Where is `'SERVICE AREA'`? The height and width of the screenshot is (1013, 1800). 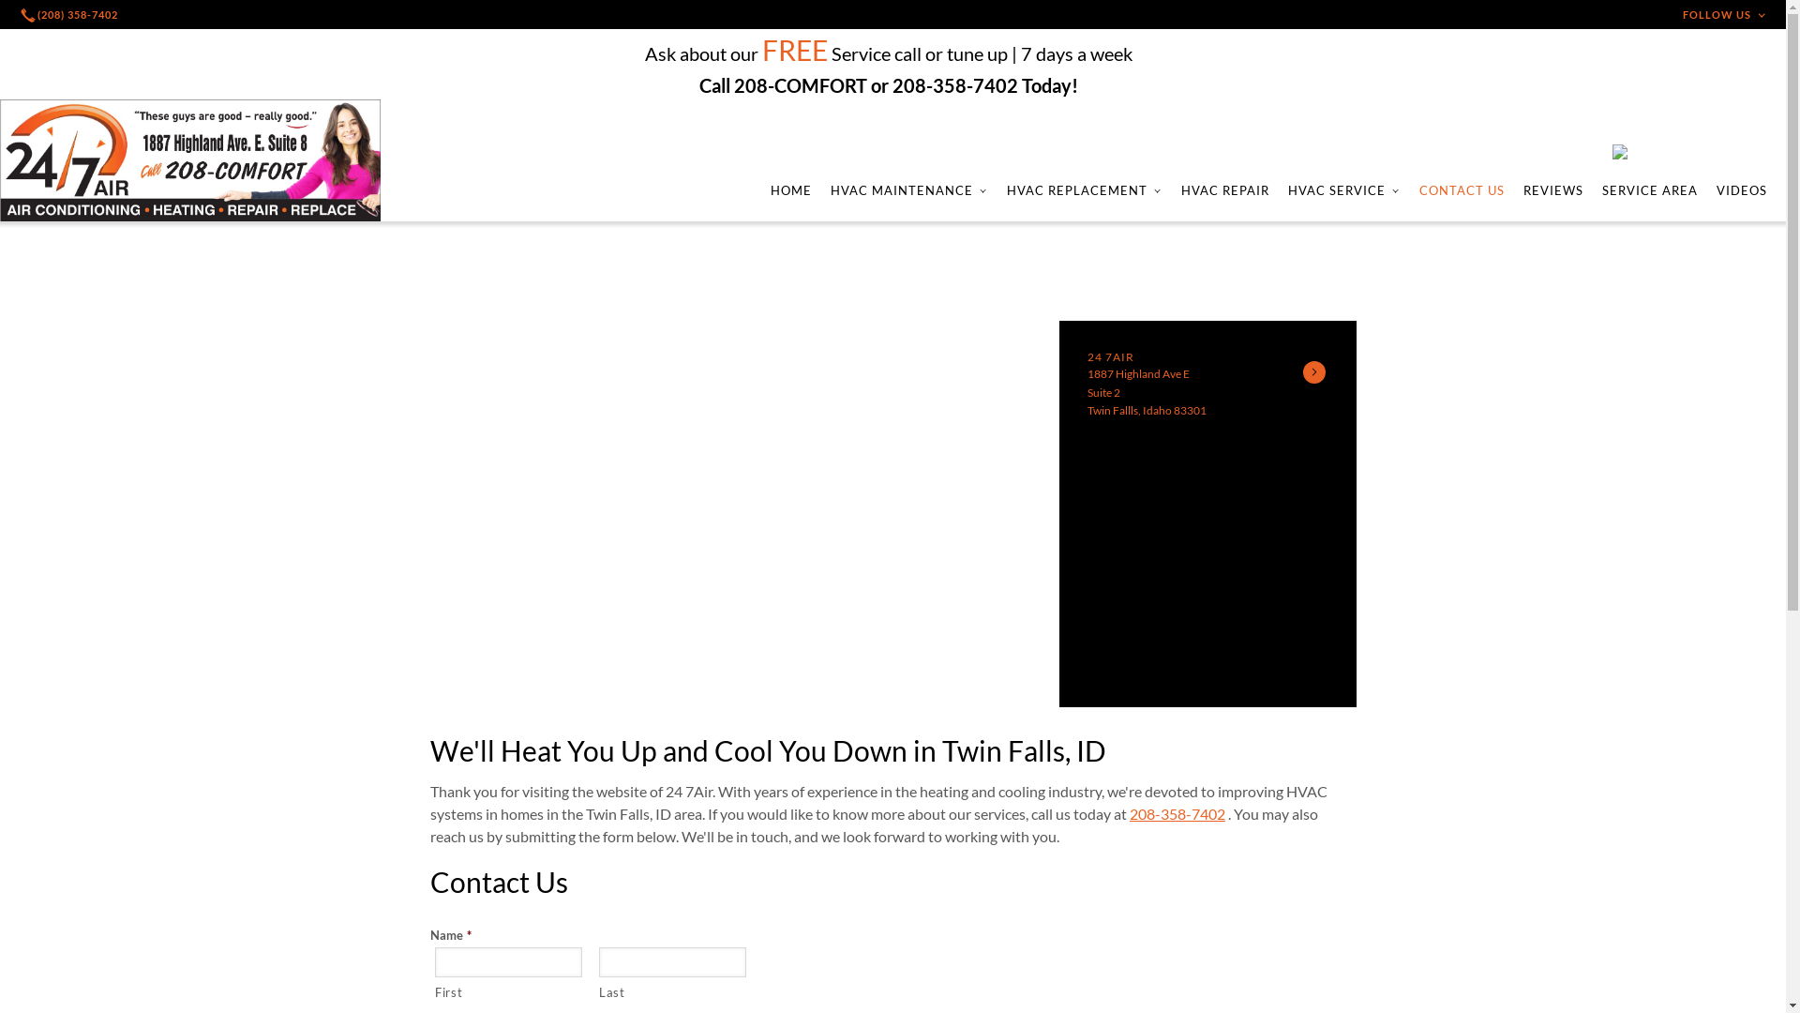
'SERVICE AREA' is located at coordinates (1650, 190).